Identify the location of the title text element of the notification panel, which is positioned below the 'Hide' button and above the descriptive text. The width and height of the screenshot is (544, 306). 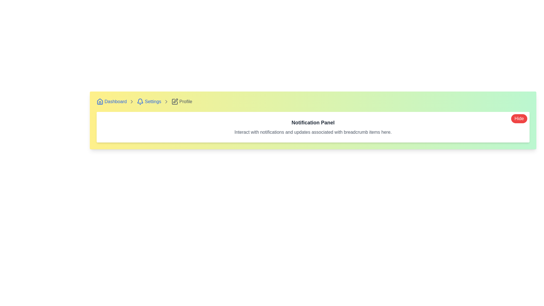
(313, 122).